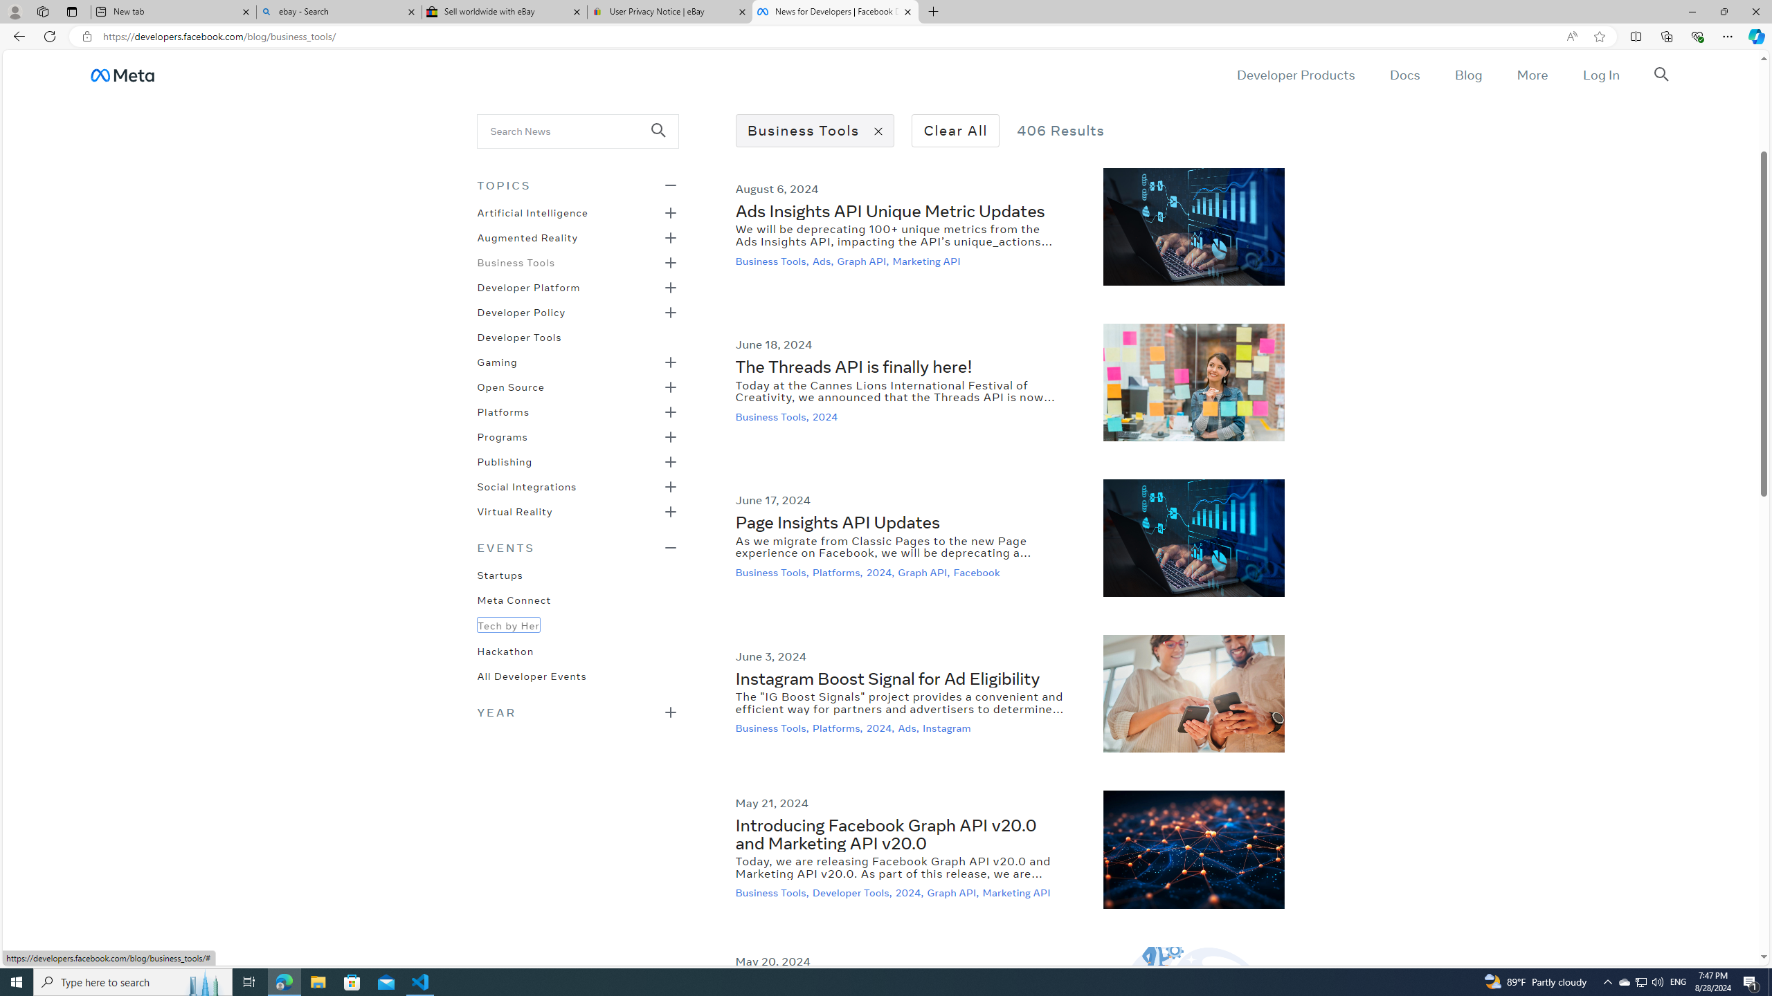  What do you see at coordinates (527, 485) in the screenshot?
I see `'Social Integrations'` at bounding box center [527, 485].